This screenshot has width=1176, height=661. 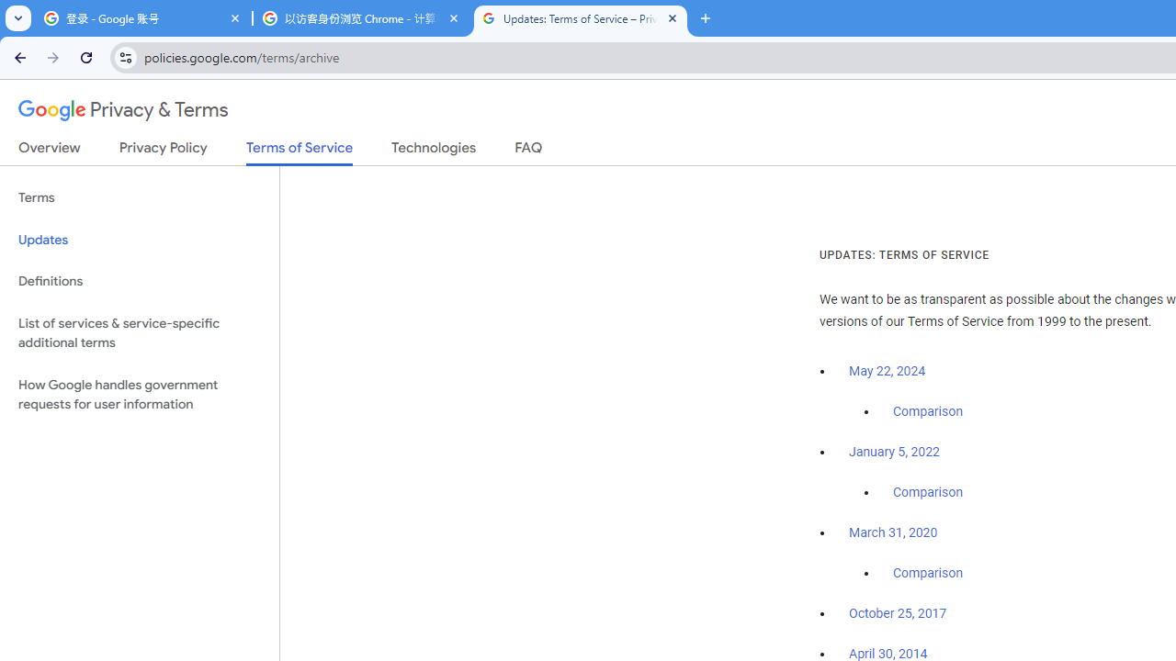 What do you see at coordinates (893, 532) in the screenshot?
I see `'March 31, 2020'` at bounding box center [893, 532].